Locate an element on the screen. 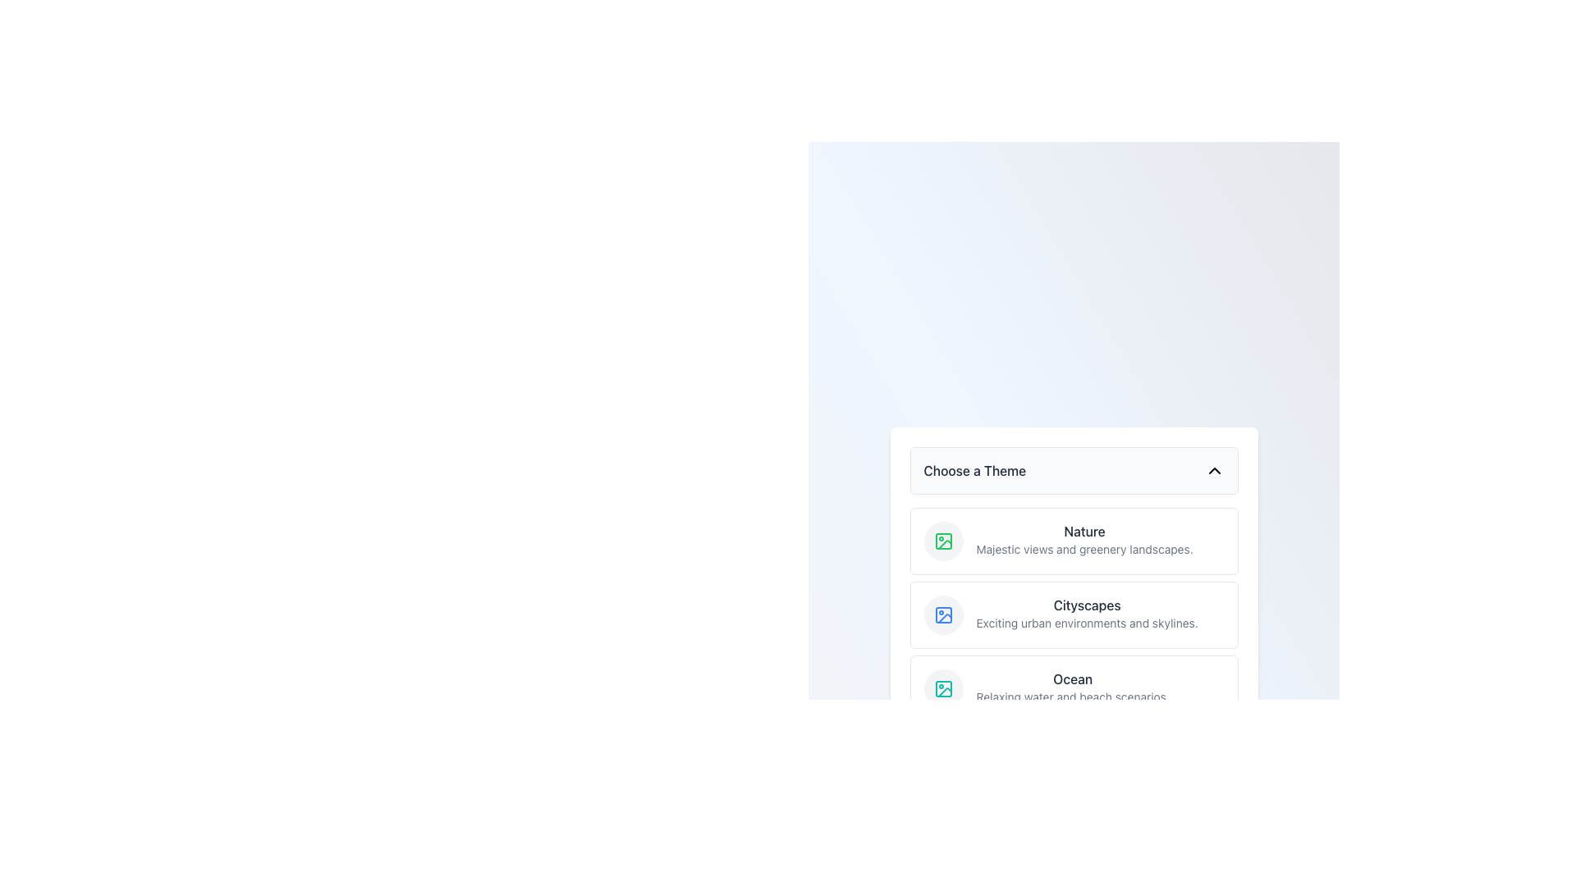 Image resolution: width=1576 pixels, height=886 pixels. the largest rectangular shape within the 'Cityscapes' themed list item icon is located at coordinates (943, 614).